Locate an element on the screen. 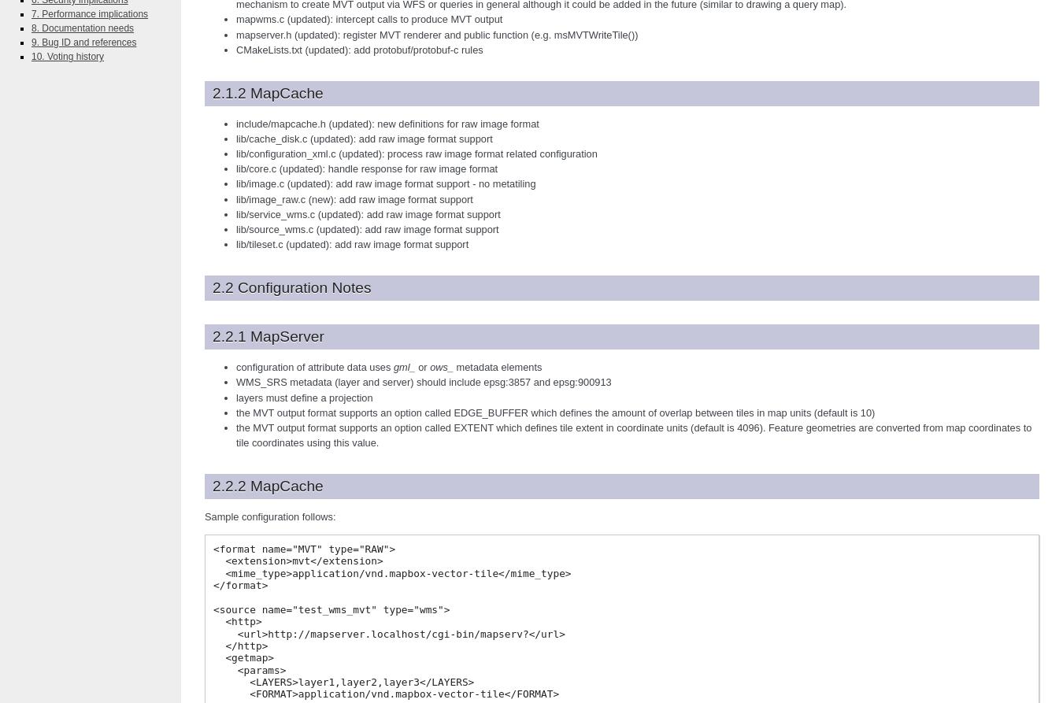  '2.2.2 MapCache' is located at coordinates (212, 486).